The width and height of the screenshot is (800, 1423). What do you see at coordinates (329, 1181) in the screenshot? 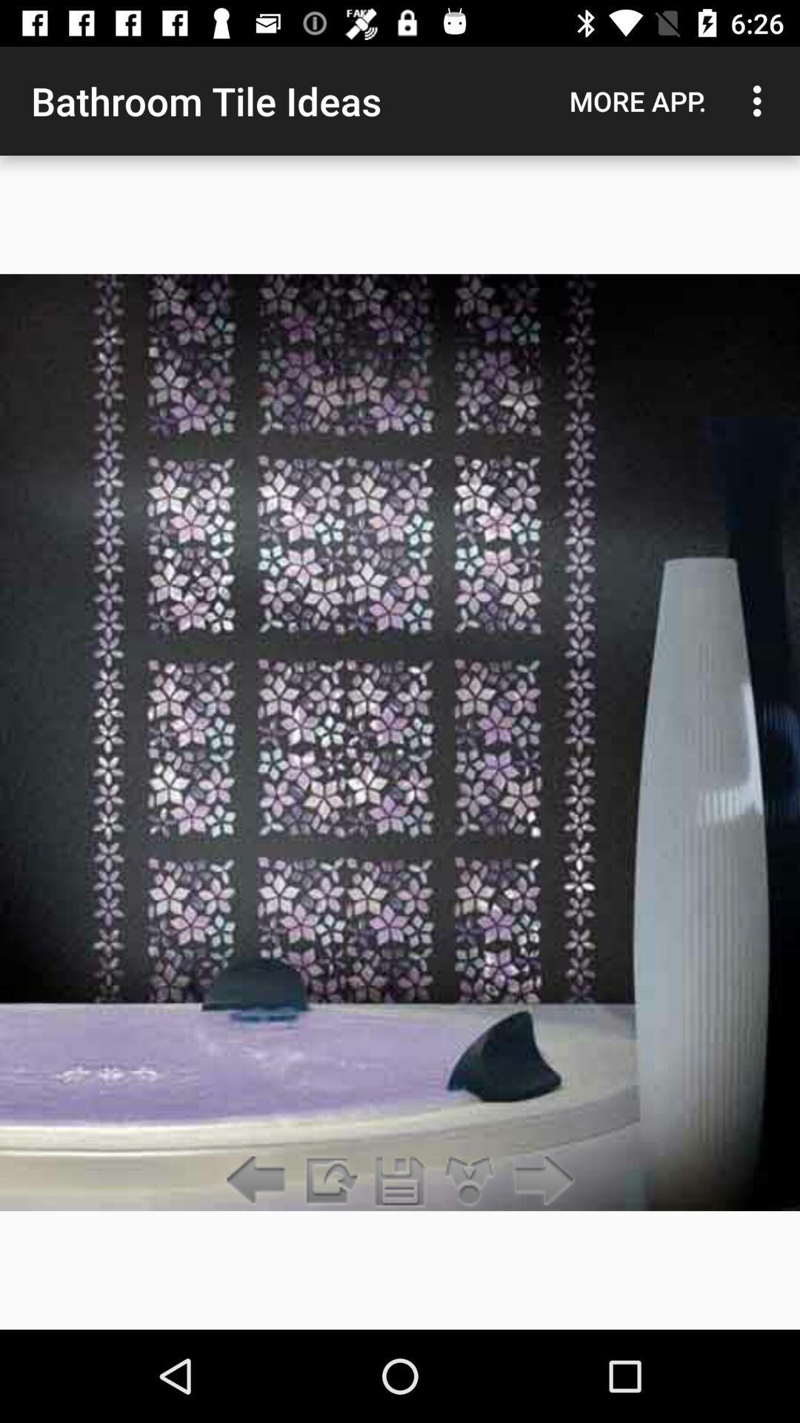
I see `open screen and device options` at bounding box center [329, 1181].